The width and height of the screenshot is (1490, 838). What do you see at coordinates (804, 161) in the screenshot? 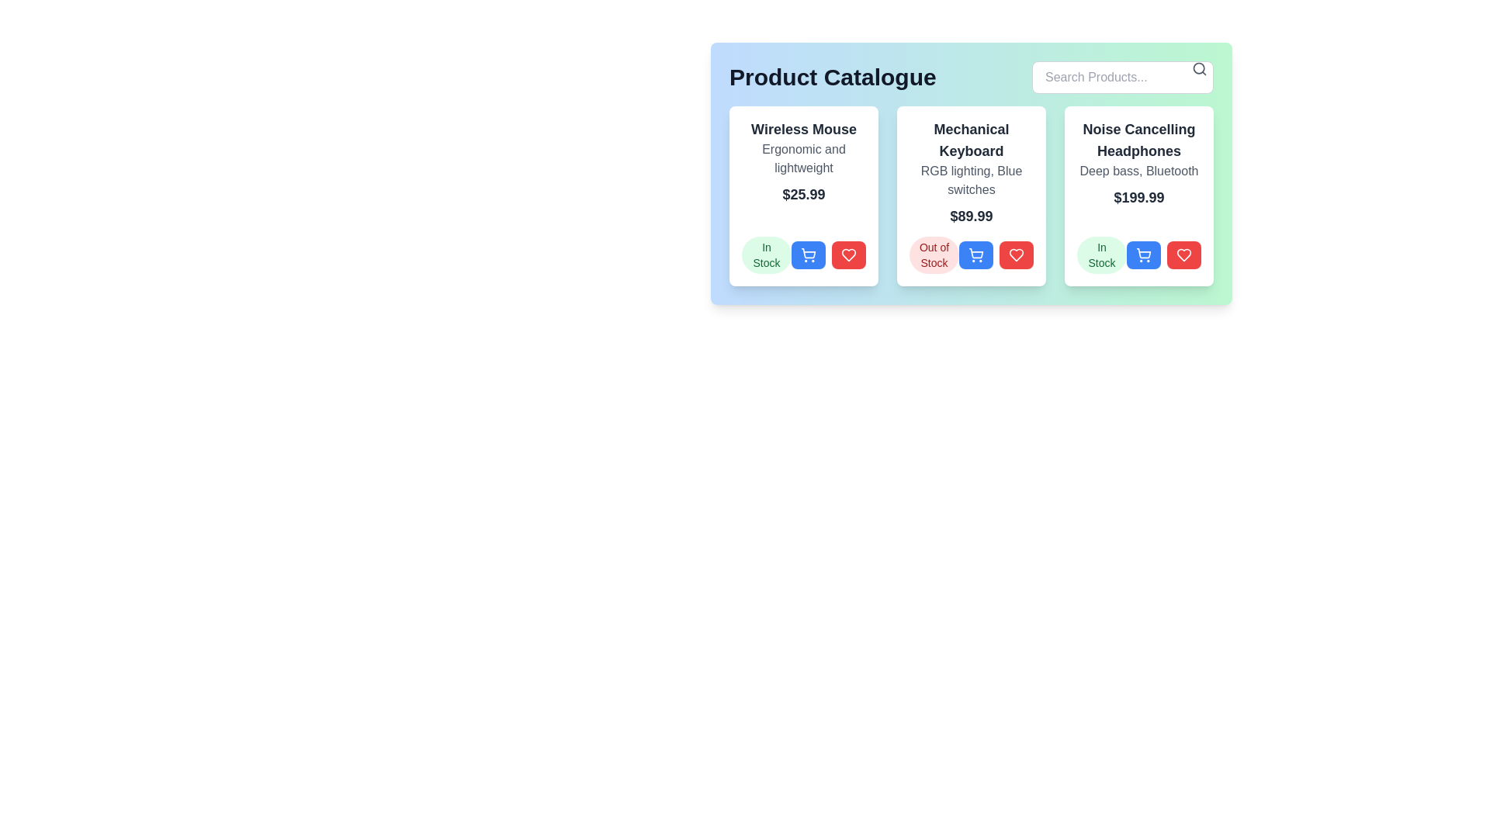
I see `the information display block containing the product details for 'Wireless Mouse', which includes the title, description, and price, located in the first card of the grid under 'Product Catalogue'` at bounding box center [804, 161].